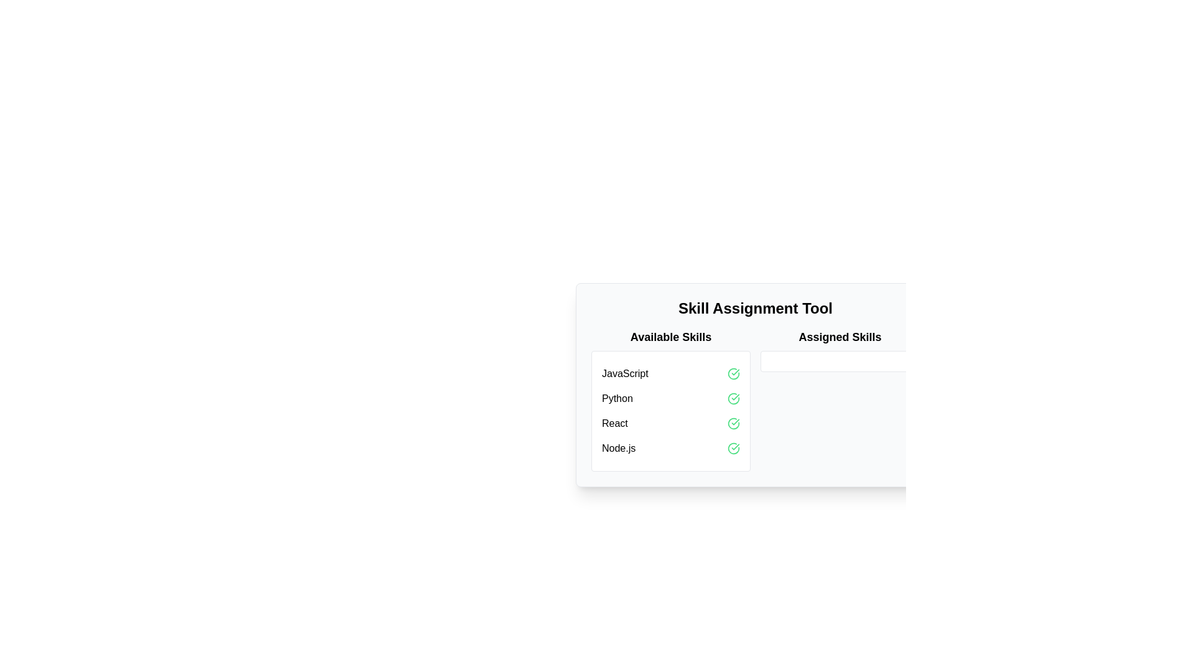 This screenshot has width=1194, height=672. Describe the element at coordinates (734, 373) in the screenshot. I see `the circular icon with a check mark inside, located to the right of the text 'JavaScript' in the 'Available Skills' section of the 'Skill Assignment Tool'` at that location.